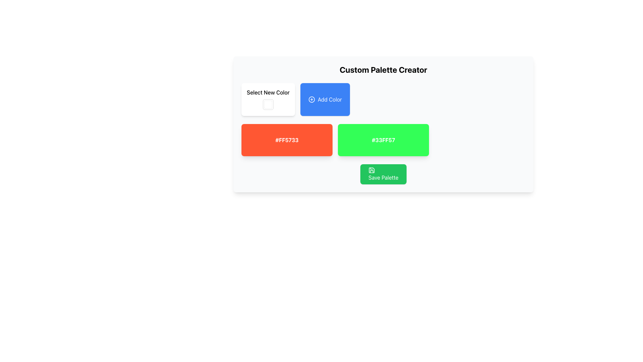  Describe the element at coordinates (371, 170) in the screenshot. I see `the save icon, which resembles a floppy disk and is located to the left of the 'Save Palette' text within a green button` at that location.